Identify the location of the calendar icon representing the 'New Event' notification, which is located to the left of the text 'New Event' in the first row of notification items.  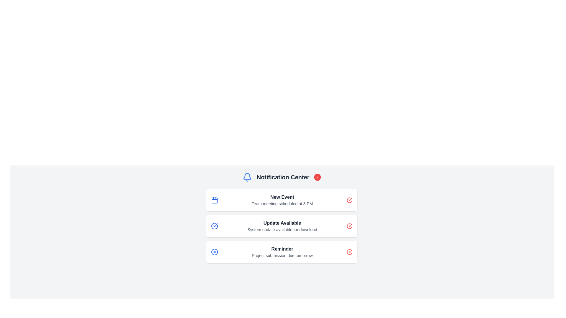
(214, 200).